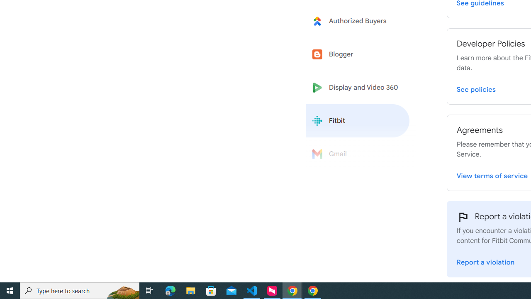  Describe the element at coordinates (476, 88) in the screenshot. I see `'View Fitbit Developer Policies page'` at that location.